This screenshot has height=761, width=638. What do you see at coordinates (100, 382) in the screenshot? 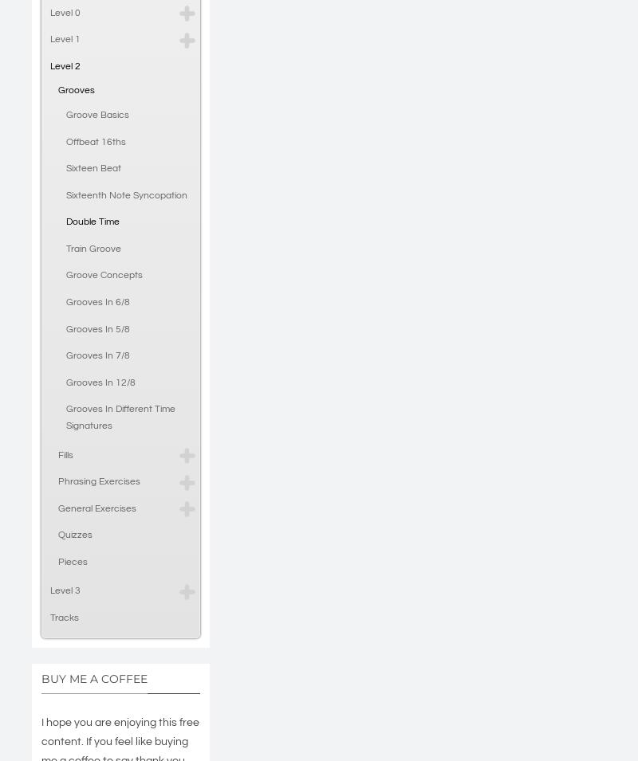
I see `'Grooves In 12/8'` at bounding box center [100, 382].